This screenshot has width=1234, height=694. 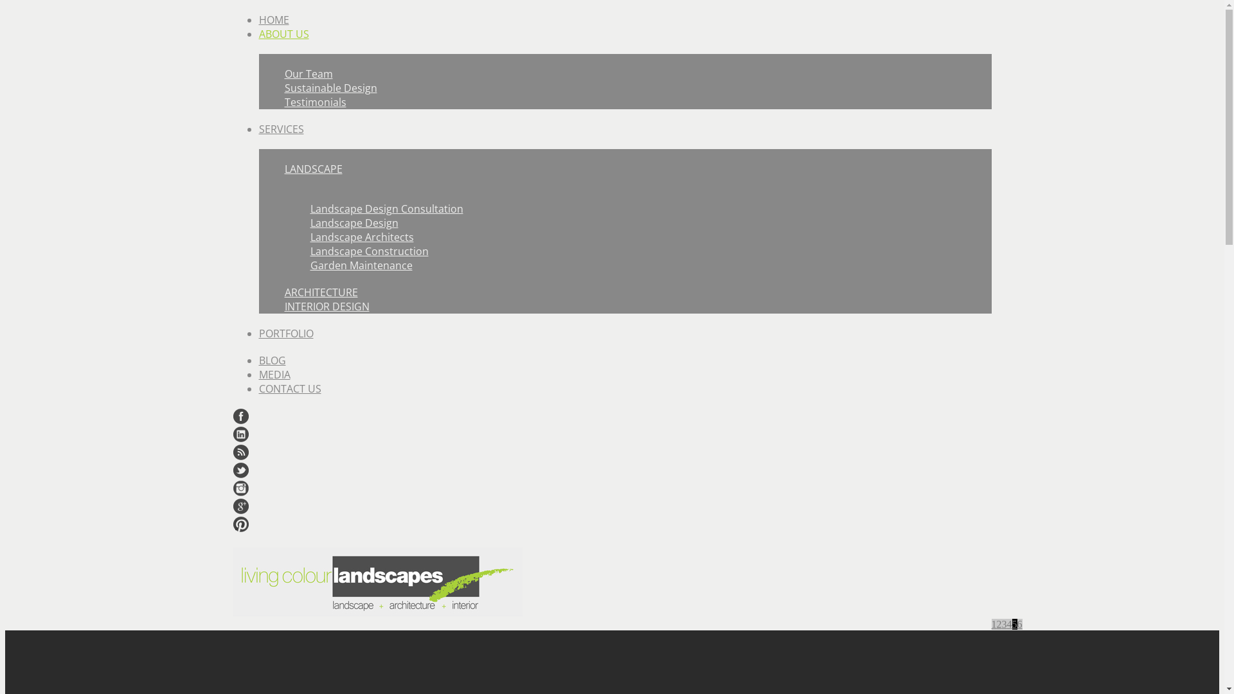 I want to click on '6', so click(x=1016, y=623).